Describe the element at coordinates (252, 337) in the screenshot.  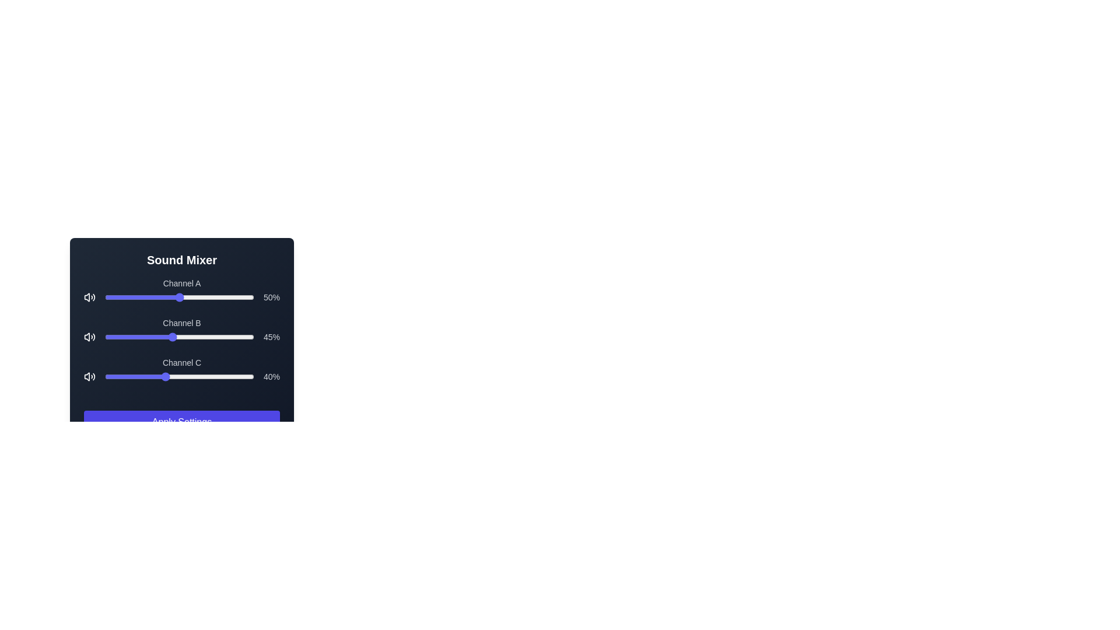
I see `the Channel B volume` at that location.